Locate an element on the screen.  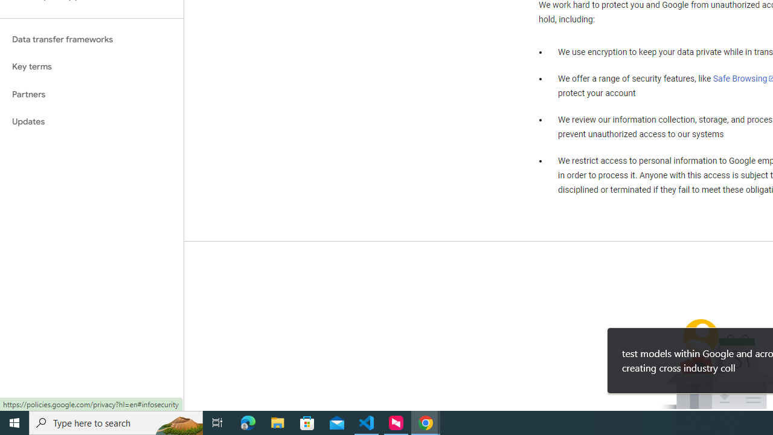
'Partners' is located at coordinates (91, 94).